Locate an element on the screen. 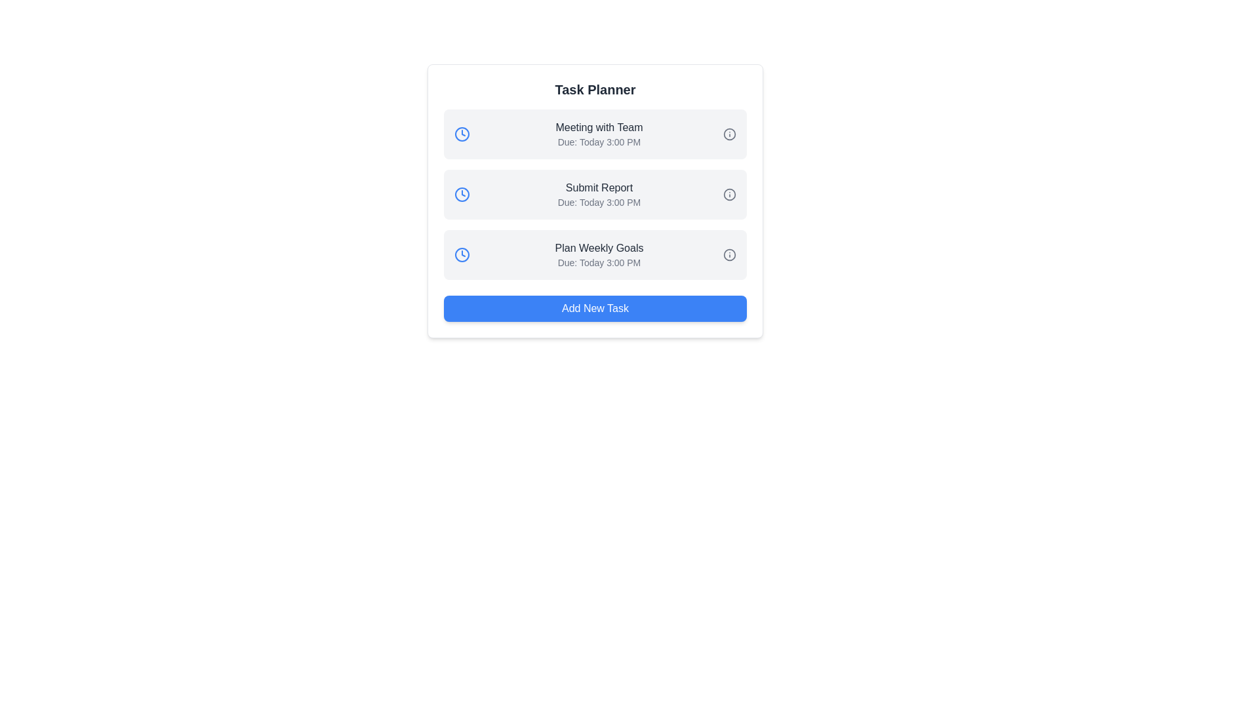 This screenshot has height=708, width=1259. the text block that displays 'Plan Weekly Goals' and 'Due: Today 3:00 PM' in the Task Planner interface is located at coordinates (598, 255).